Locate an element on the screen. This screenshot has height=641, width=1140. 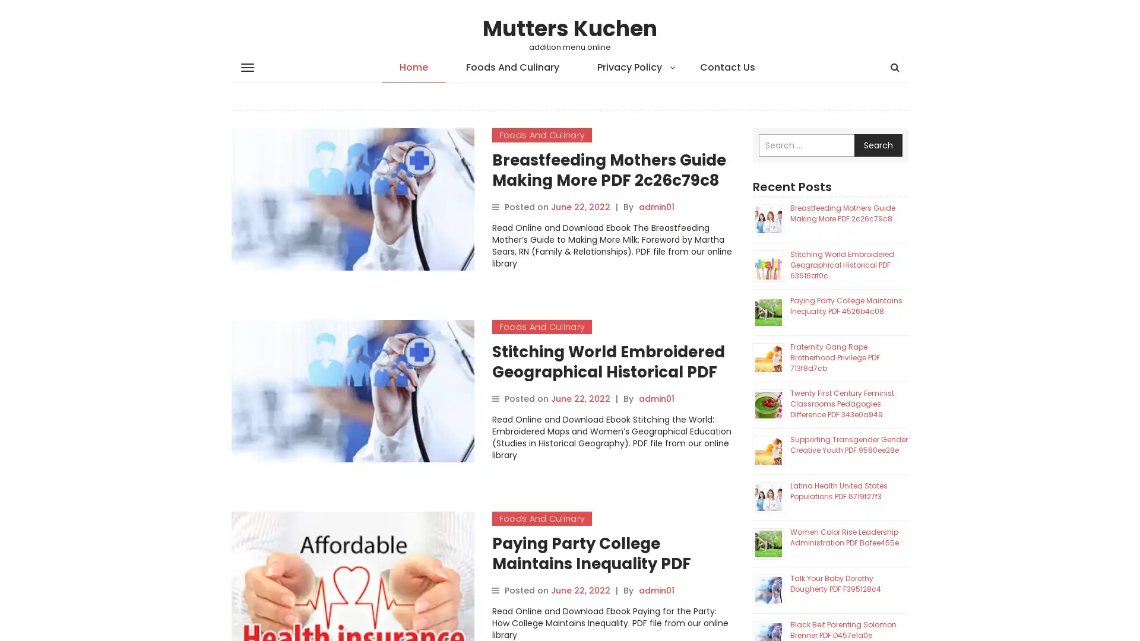
Search is located at coordinates (878, 145).